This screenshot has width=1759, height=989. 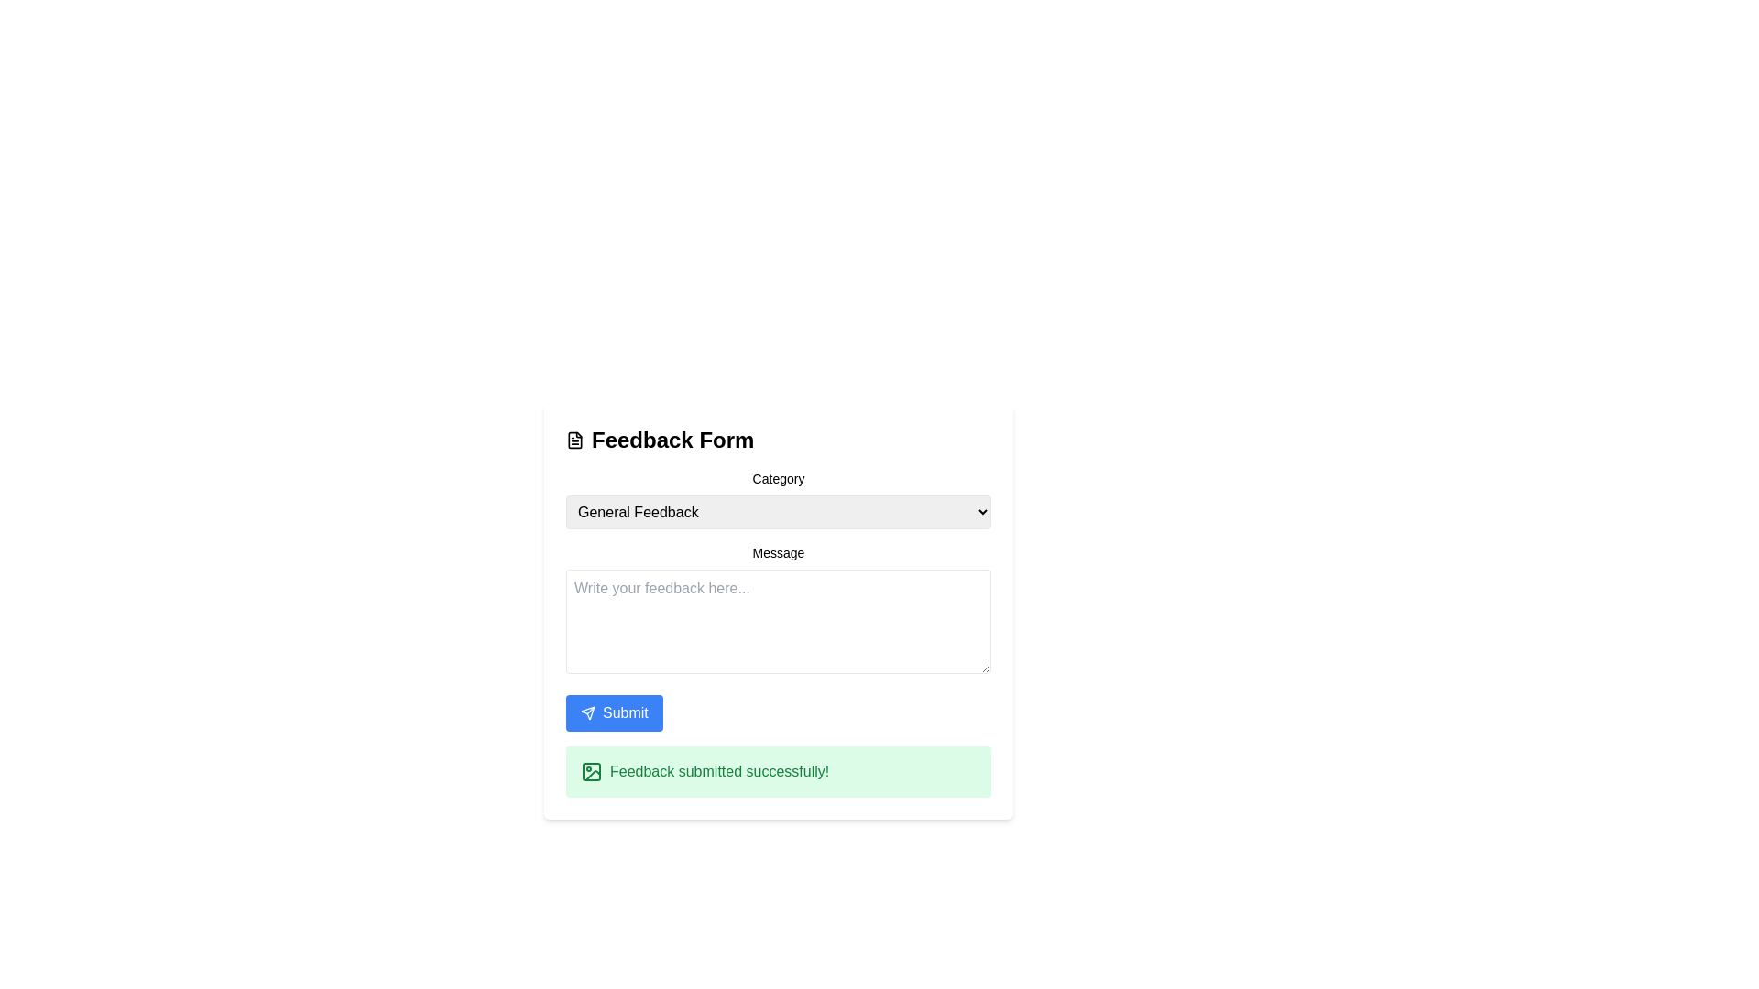 I want to click on the green text 'Feedback submitted successfully!', so click(x=718, y=772).